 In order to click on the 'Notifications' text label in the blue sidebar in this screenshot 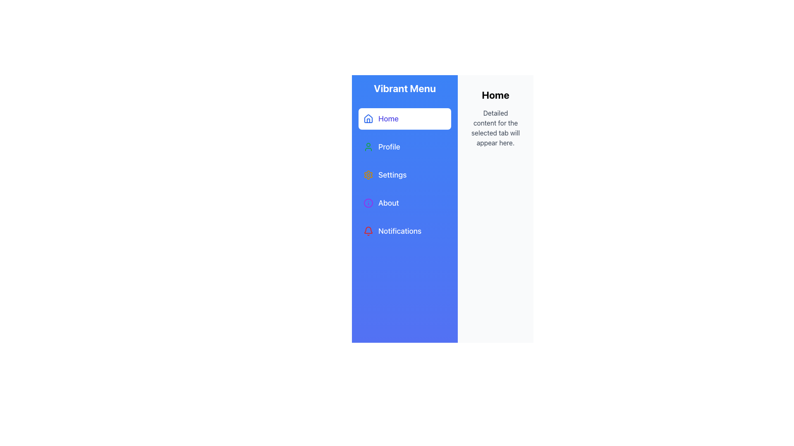, I will do `click(400, 231)`.